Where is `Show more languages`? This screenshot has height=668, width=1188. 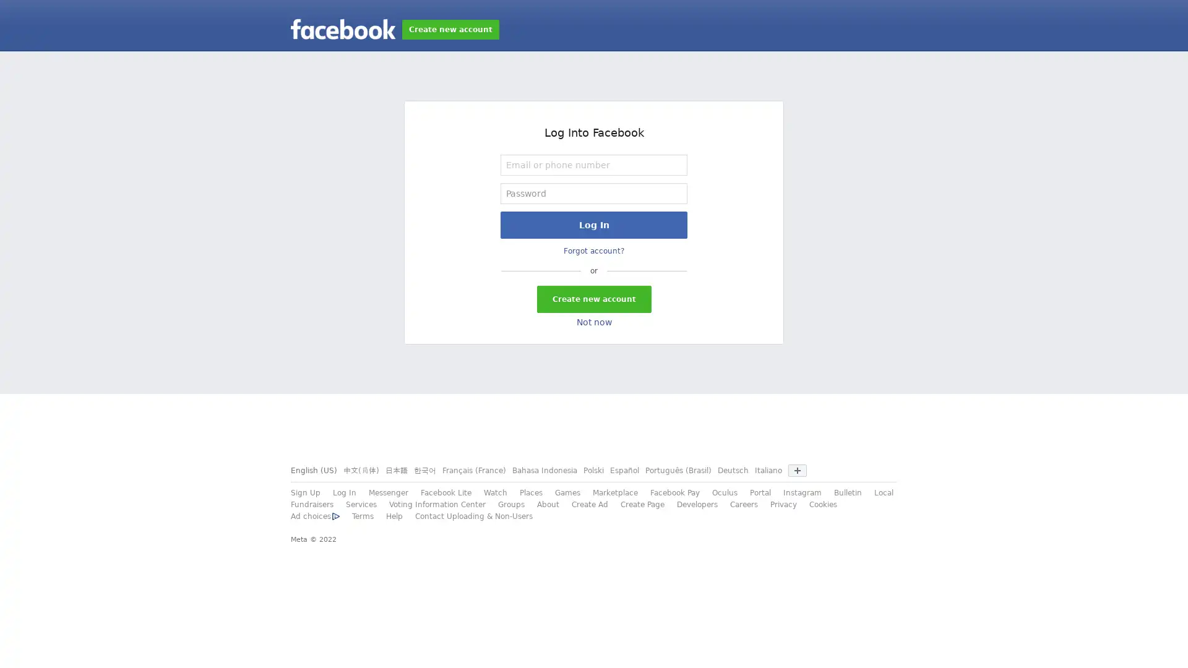
Show more languages is located at coordinates (798, 470).